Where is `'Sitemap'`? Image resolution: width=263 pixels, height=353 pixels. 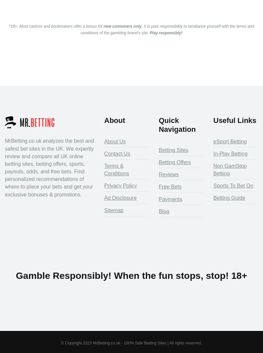
'Sitemap' is located at coordinates (104, 210).